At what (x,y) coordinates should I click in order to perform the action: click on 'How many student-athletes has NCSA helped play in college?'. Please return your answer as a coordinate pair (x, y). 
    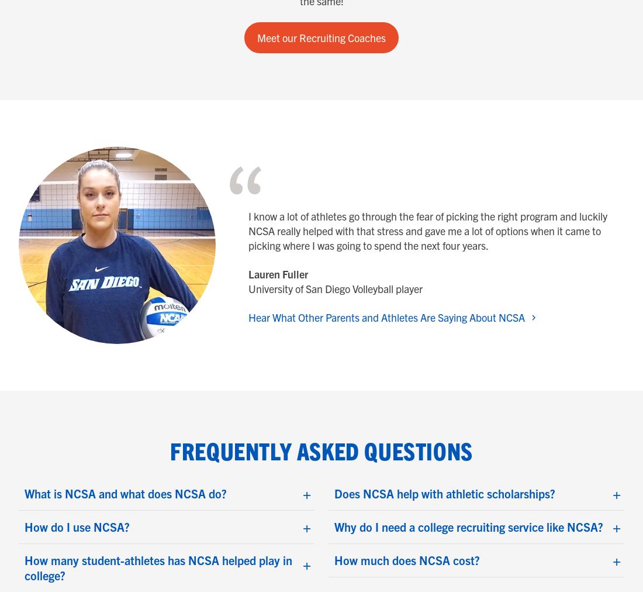
    Looking at the image, I should click on (24, 567).